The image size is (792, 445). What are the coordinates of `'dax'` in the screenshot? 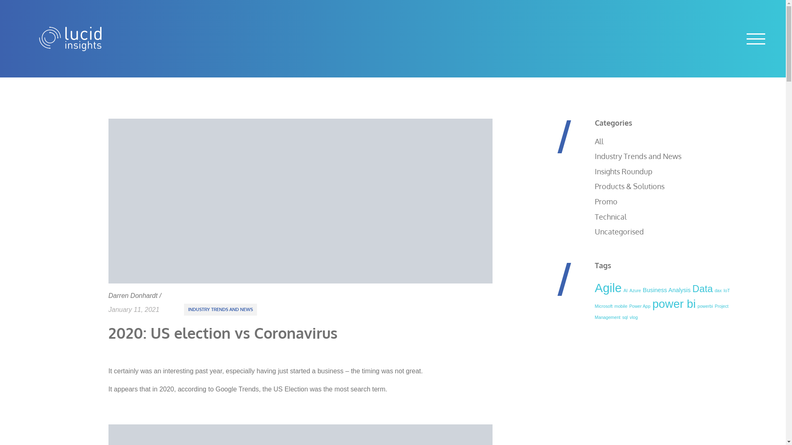 It's located at (717, 290).